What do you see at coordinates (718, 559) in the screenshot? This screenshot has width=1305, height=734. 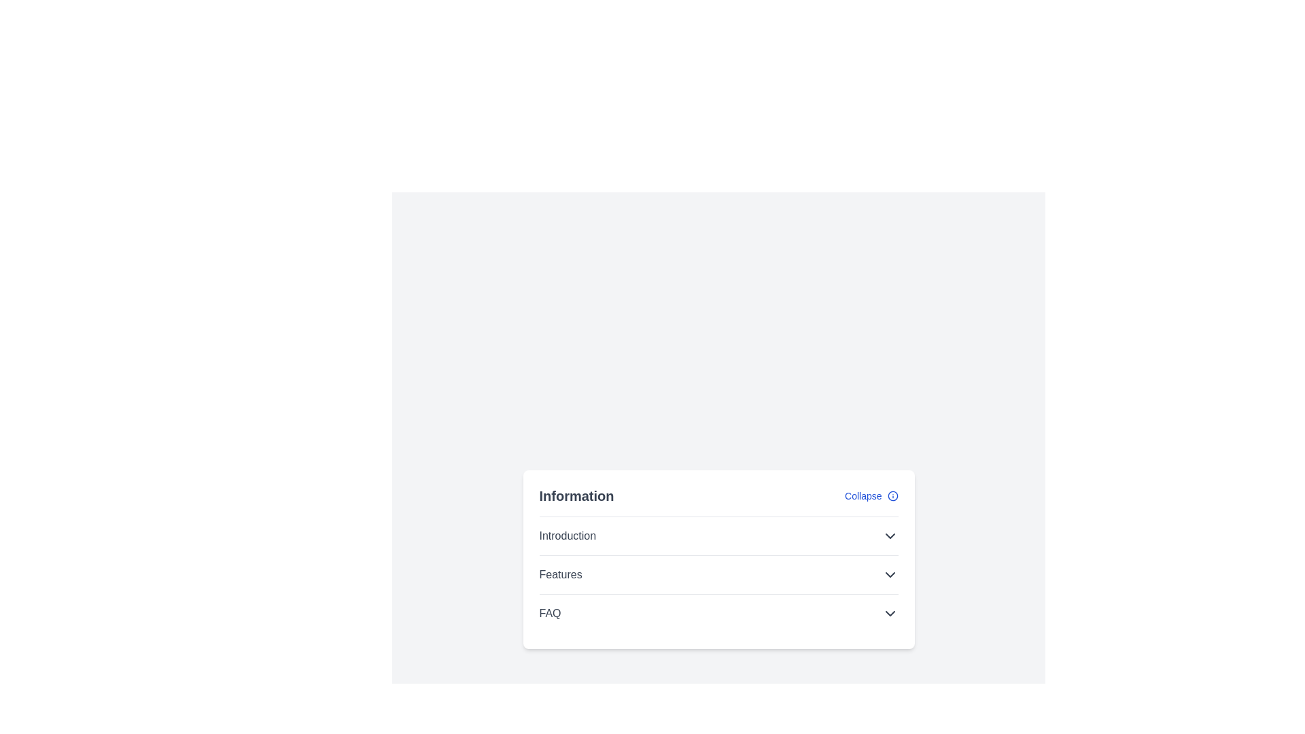 I see `the 'Information' collapsible list component, which contains items such as 'Introduction', 'Features', and 'FAQ'` at bounding box center [718, 559].